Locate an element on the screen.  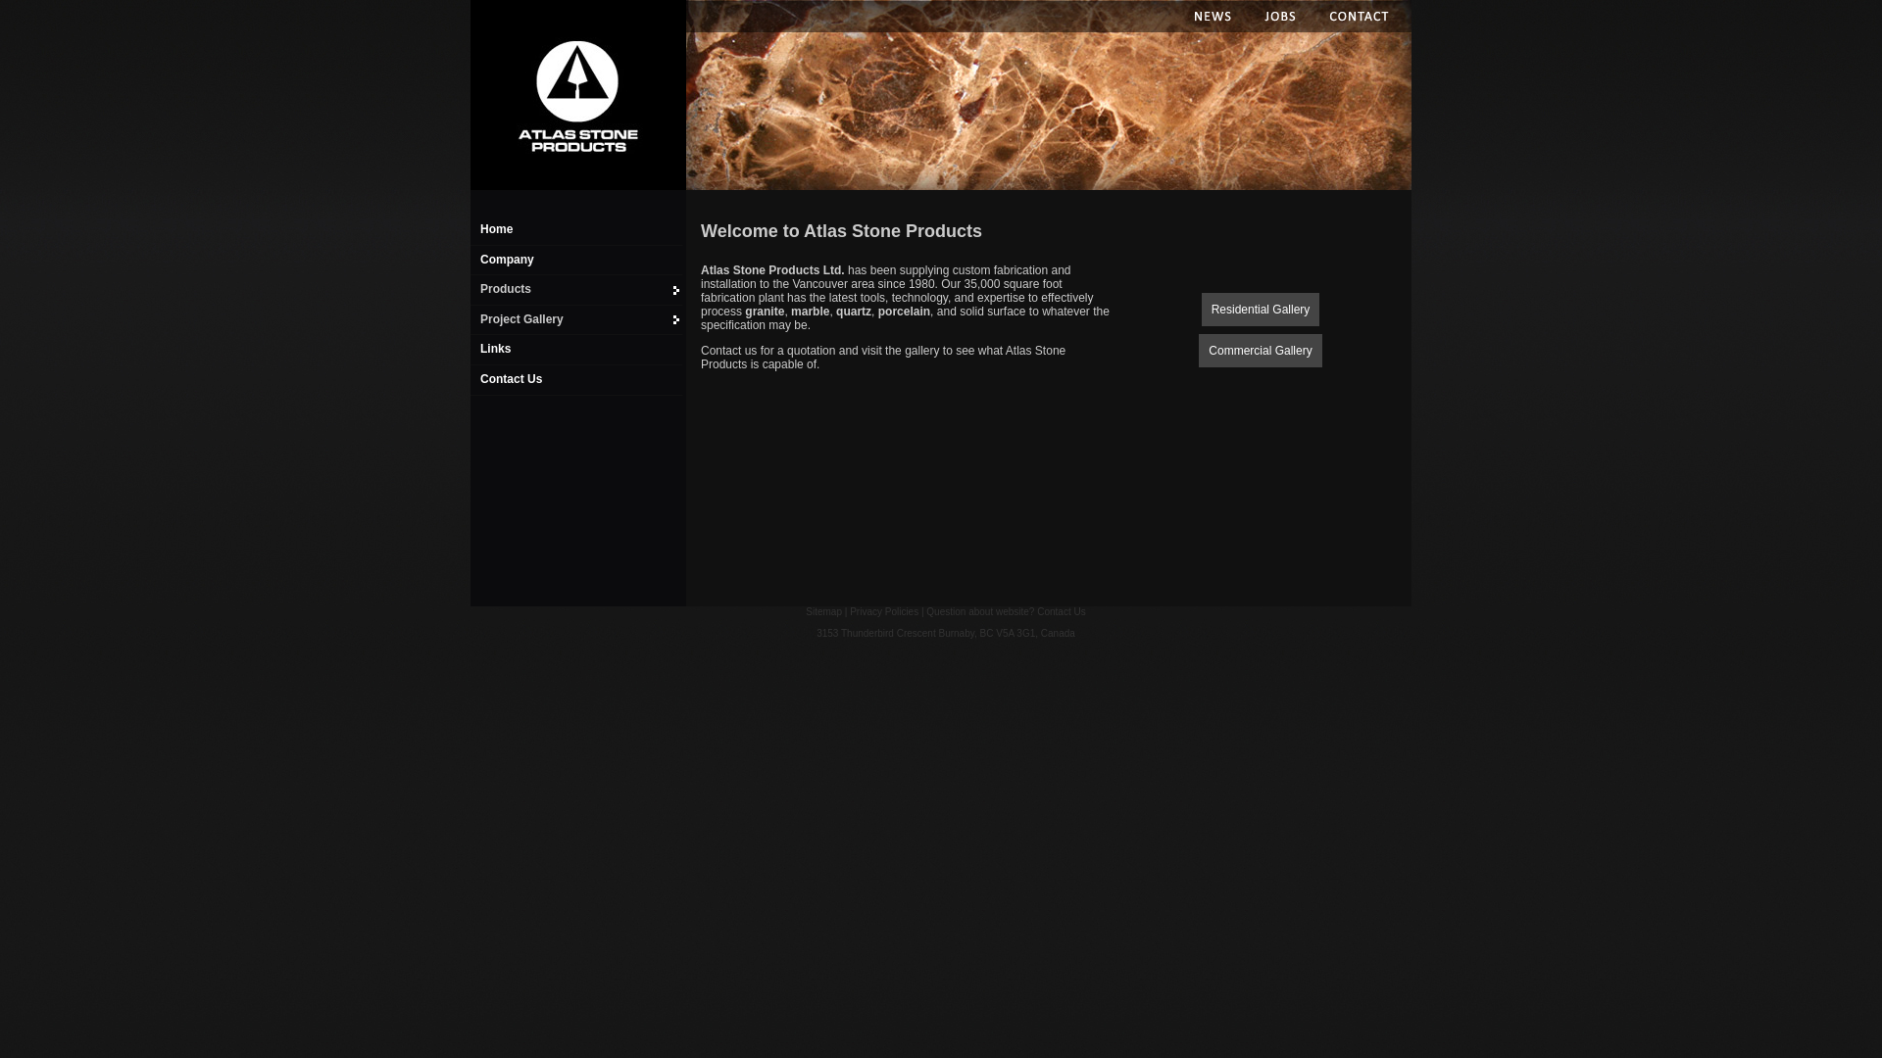
'Residential Gallery' is located at coordinates (1200, 309).